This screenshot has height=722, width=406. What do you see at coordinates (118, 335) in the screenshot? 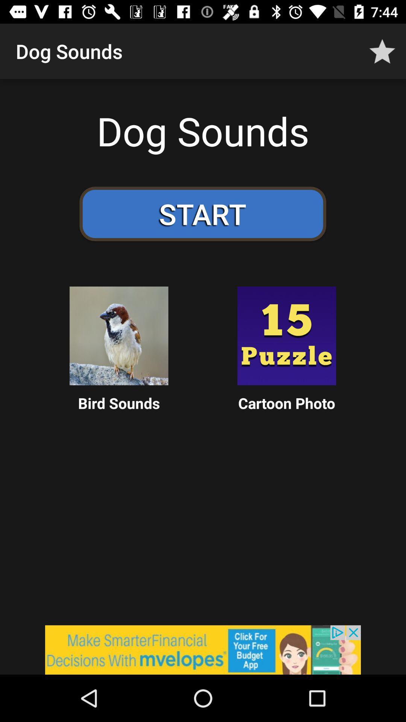
I see `click the bird sounds` at bounding box center [118, 335].